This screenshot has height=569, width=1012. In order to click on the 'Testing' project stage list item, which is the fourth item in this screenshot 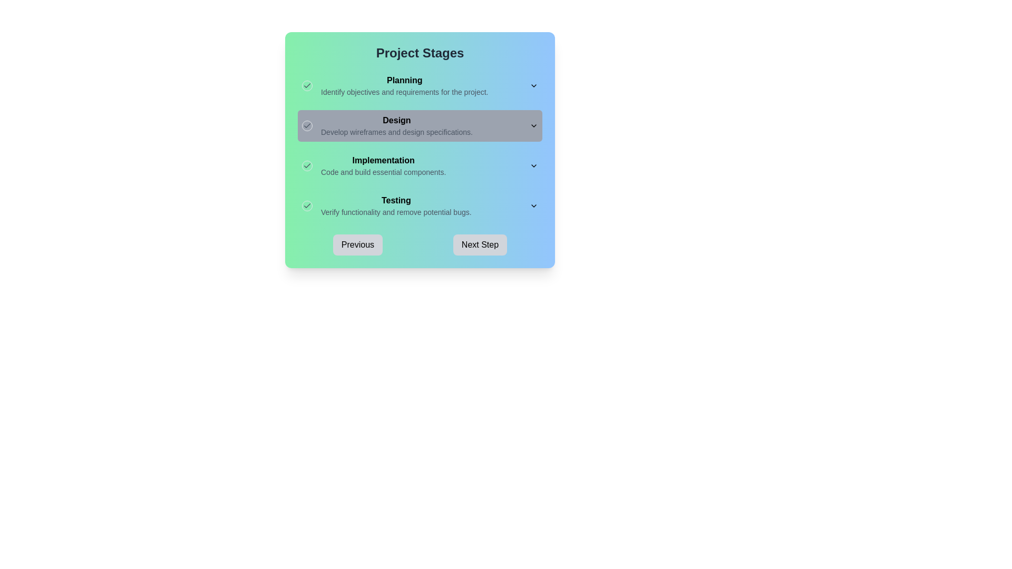, I will do `click(419, 205)`.